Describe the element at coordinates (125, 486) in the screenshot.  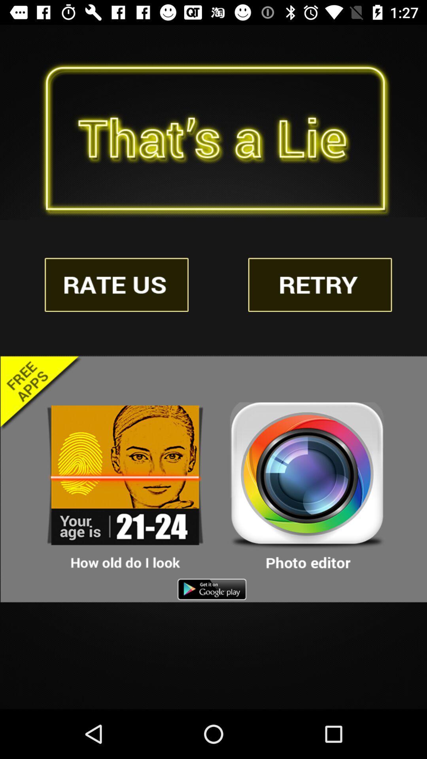
I see `download the 'how old do i look app` at that location.